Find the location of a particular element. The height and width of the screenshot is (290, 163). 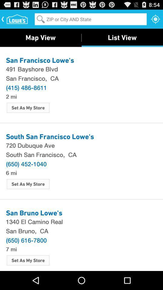

(415) 486-8611 item is located at coordinates (26, 87).